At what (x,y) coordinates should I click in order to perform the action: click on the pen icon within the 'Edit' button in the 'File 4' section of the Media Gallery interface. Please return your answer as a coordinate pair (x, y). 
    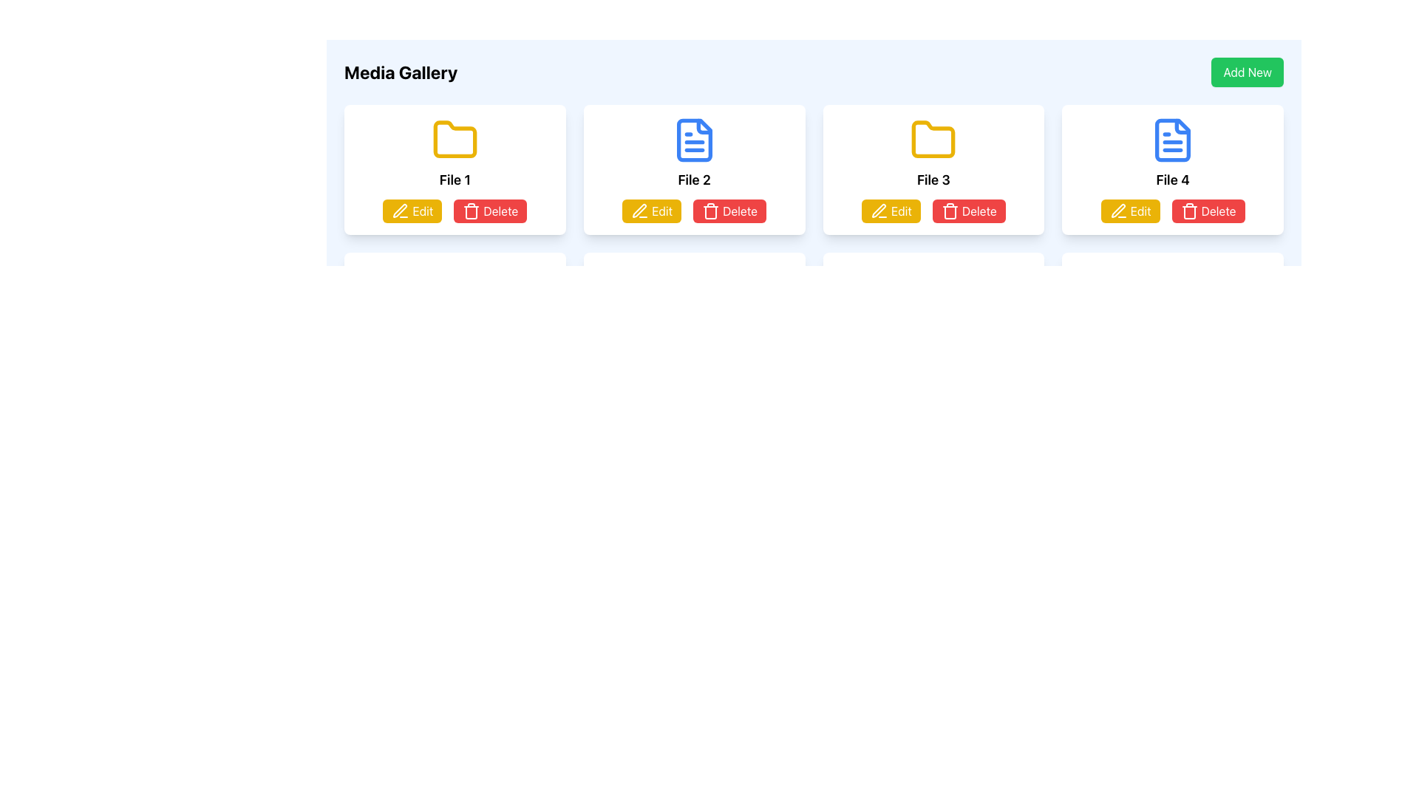
    Looking at the image, I should click on (1118, 211).